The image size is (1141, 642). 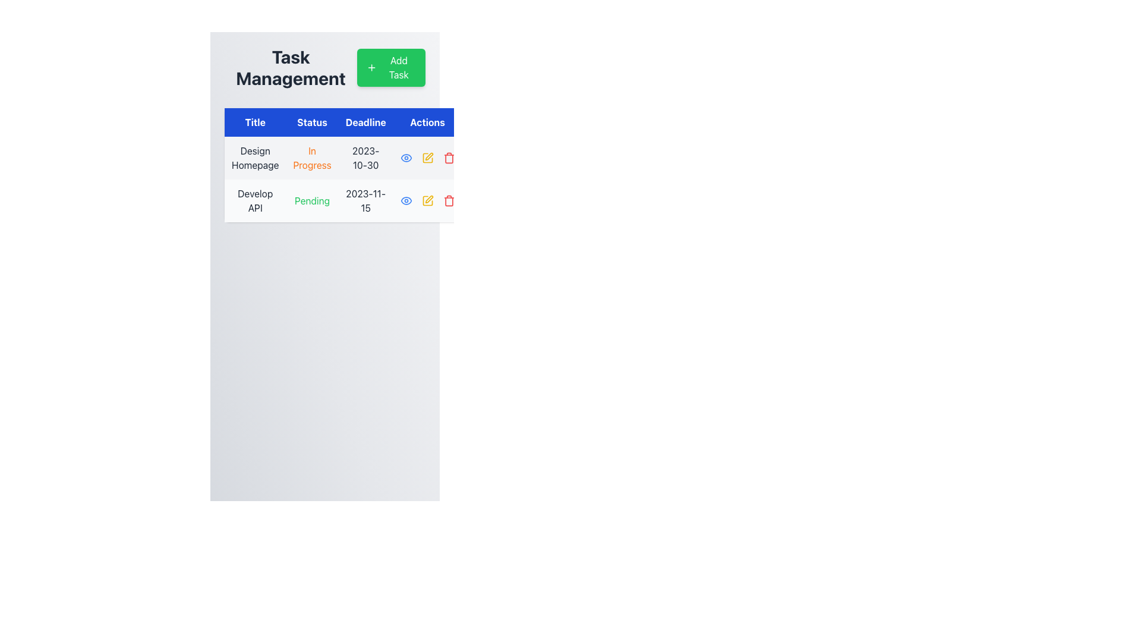 What do you see at coordinates (312, 122) in the screenshot?
I see `the 'Status' text label which is the second column header in the table, displaying the word 'Status' in white, bold font on a blue background` at bounding box center [312, 122].